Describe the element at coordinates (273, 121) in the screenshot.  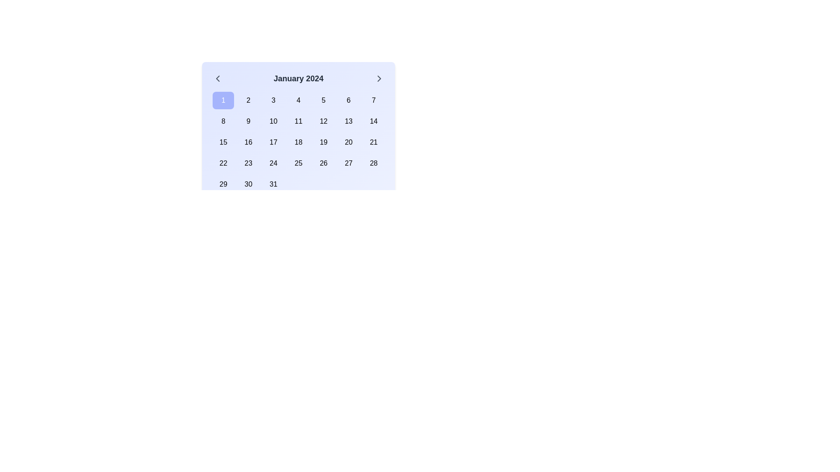
I see `the interactive button representing the day '10' in the January 2024 calendar` at that location.